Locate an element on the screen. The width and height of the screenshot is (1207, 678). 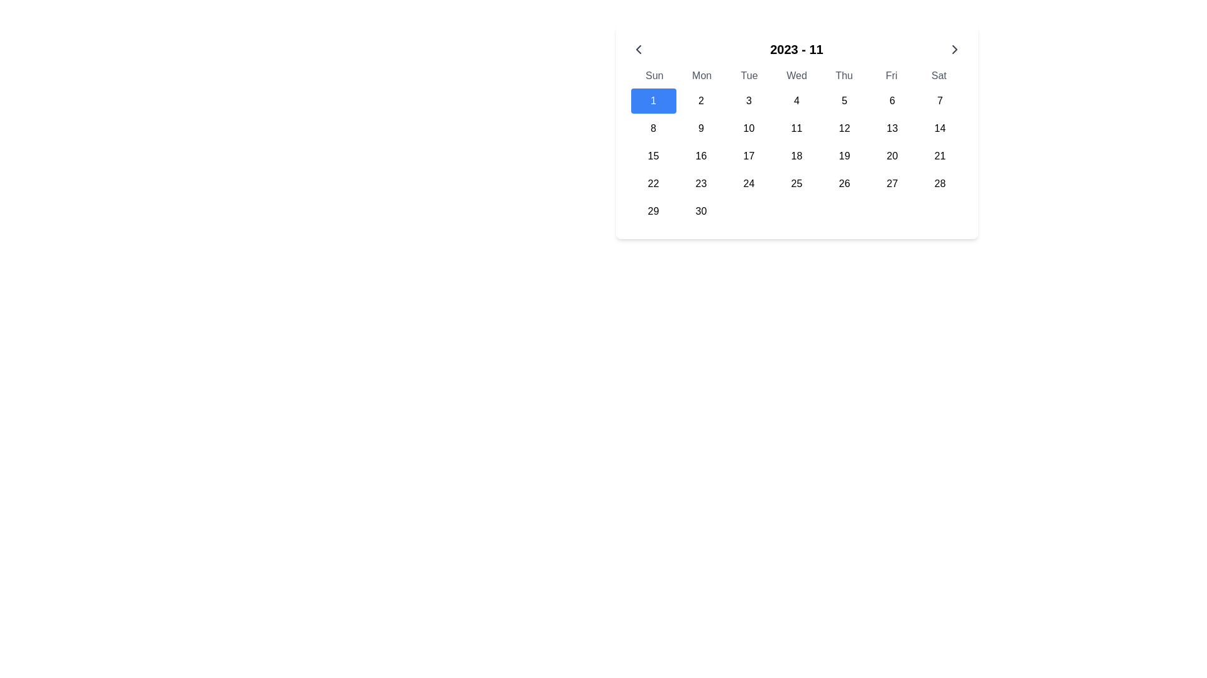
the button representing the 14th day of the month in the calendar, located in the second row and sixth column under the Saturday column is located at coordinates (940, 128).